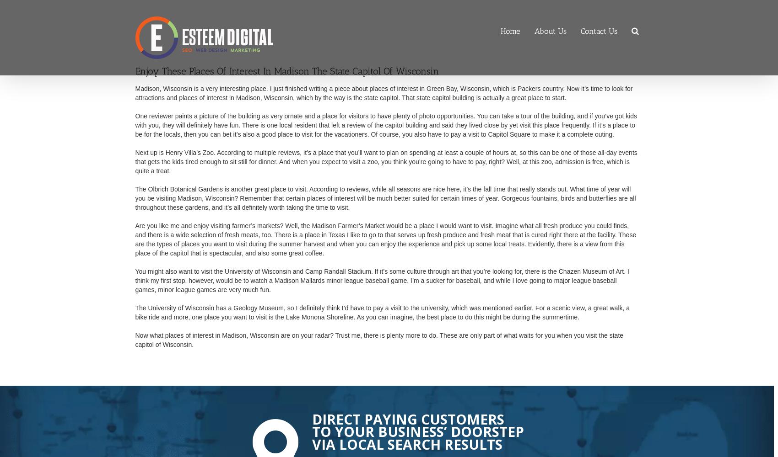  I want to click on 'Direct Paying Customers', so click(312, 419).